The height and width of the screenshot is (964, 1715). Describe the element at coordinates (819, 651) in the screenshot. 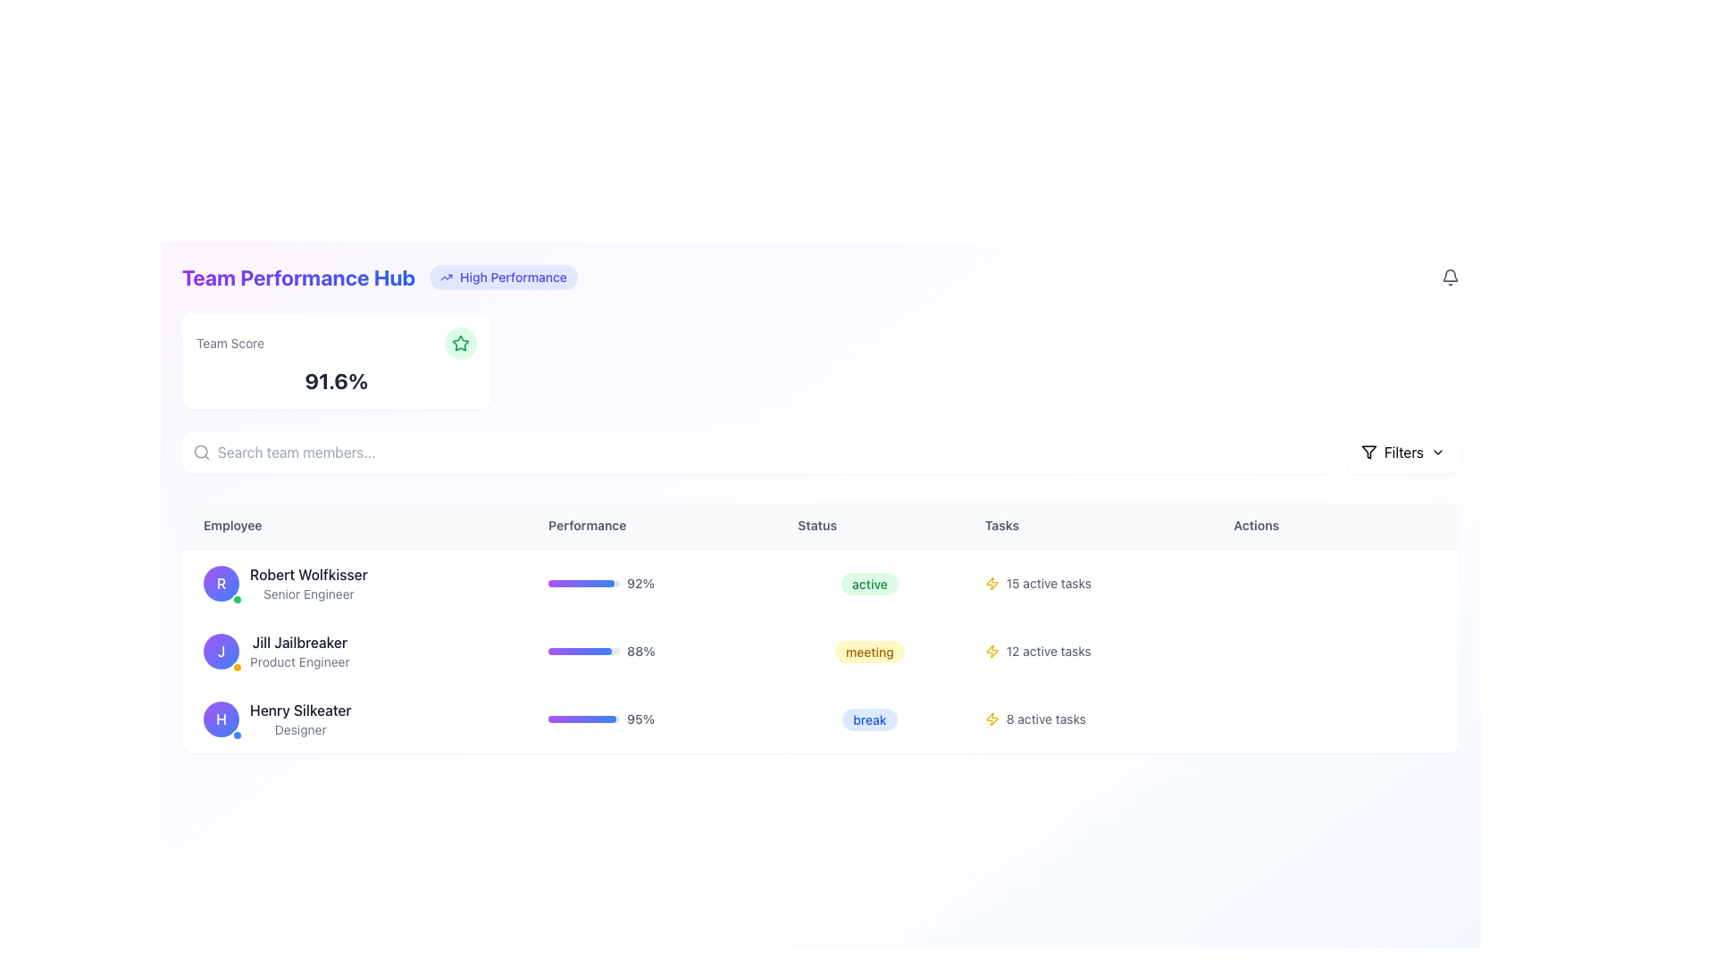

I see `the table row displaying information for 'Jill Jailbreaker', which includes a circular avatar, performance metrics, status indicators, and task descriptions` at that location.